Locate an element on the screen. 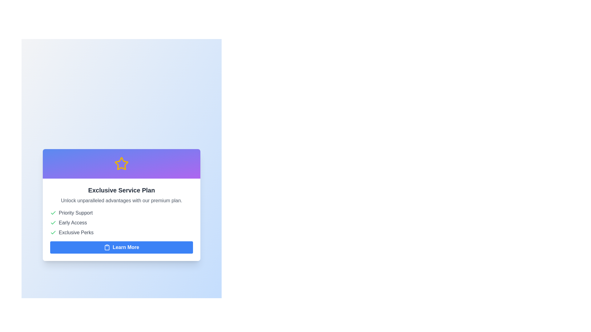 The width and height of the screenshot is (591, 332). the checkmark icon that signifies a selected or confirmed state, located adjacent to the text 'Early Access' is located at coordinates (53, 223).